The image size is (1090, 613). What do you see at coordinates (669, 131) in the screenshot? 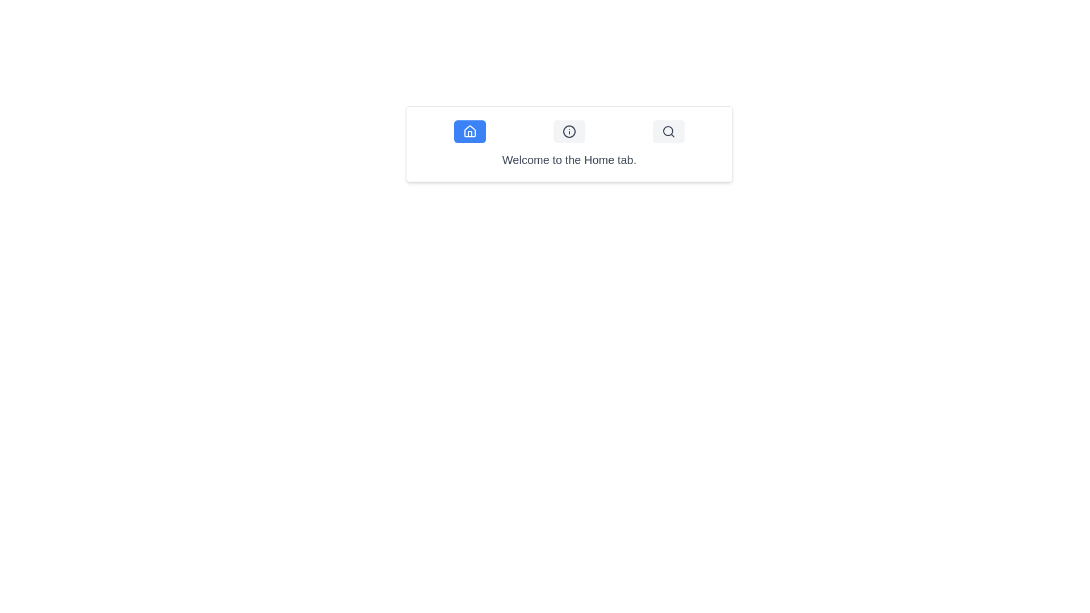
I see `the search icon located on the rightmost side among three horizontally aligned icons` at bounding box center [669, 131].